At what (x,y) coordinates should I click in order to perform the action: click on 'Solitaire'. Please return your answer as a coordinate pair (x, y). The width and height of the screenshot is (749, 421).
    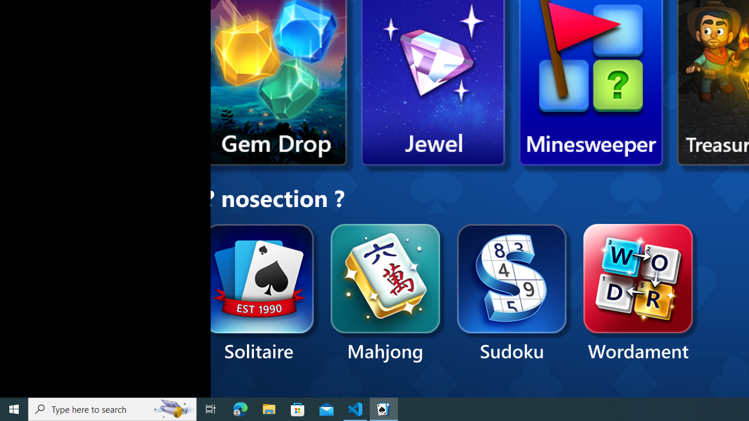
    Looking at the image, I should click on (258, 293).